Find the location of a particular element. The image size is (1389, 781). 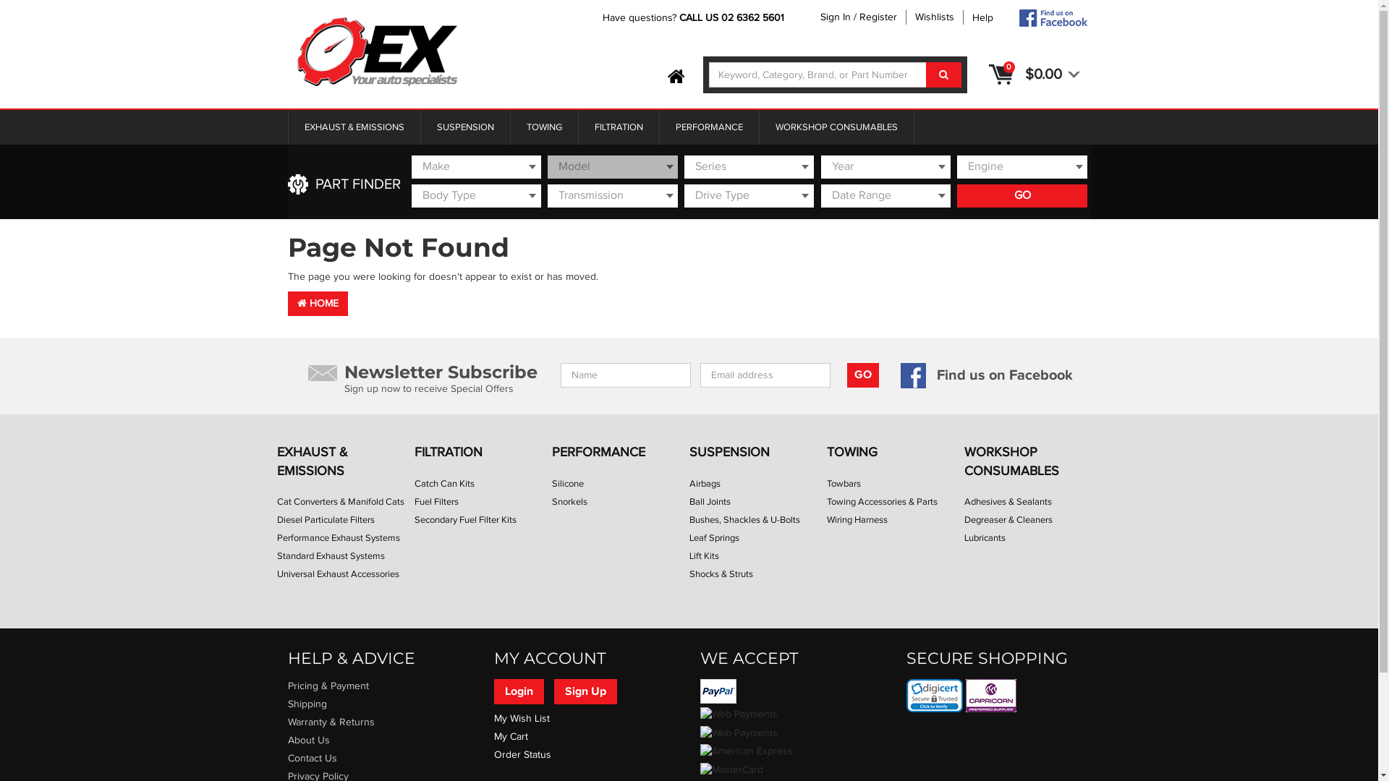

'Performance Exhaust Systems' is located at coordinates (276, 538).